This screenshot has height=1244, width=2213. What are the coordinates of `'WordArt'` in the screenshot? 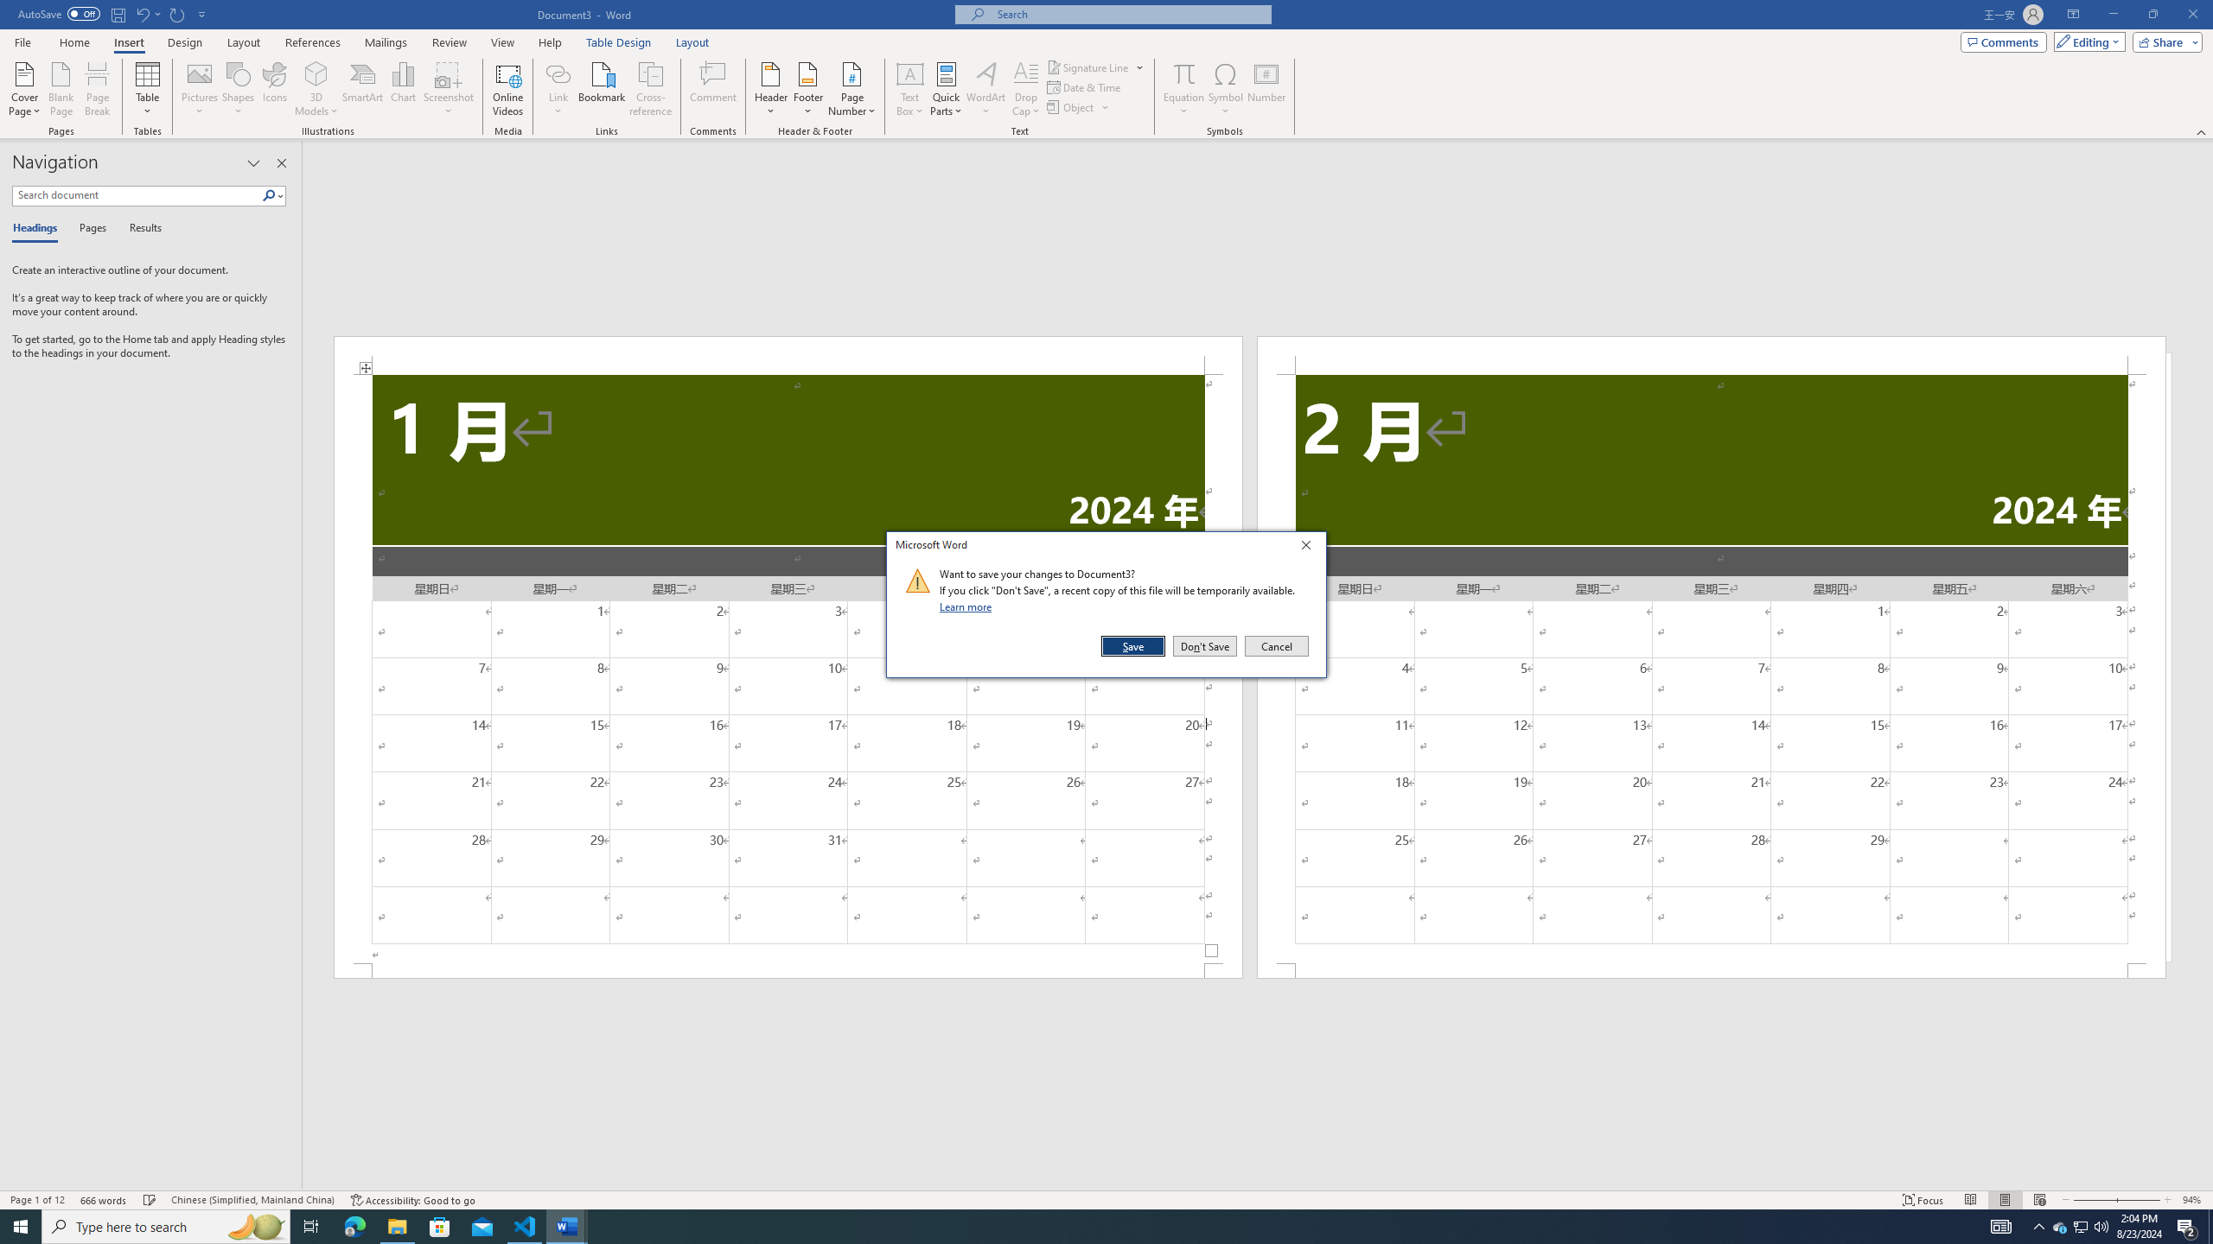 It's located at (985, 89).